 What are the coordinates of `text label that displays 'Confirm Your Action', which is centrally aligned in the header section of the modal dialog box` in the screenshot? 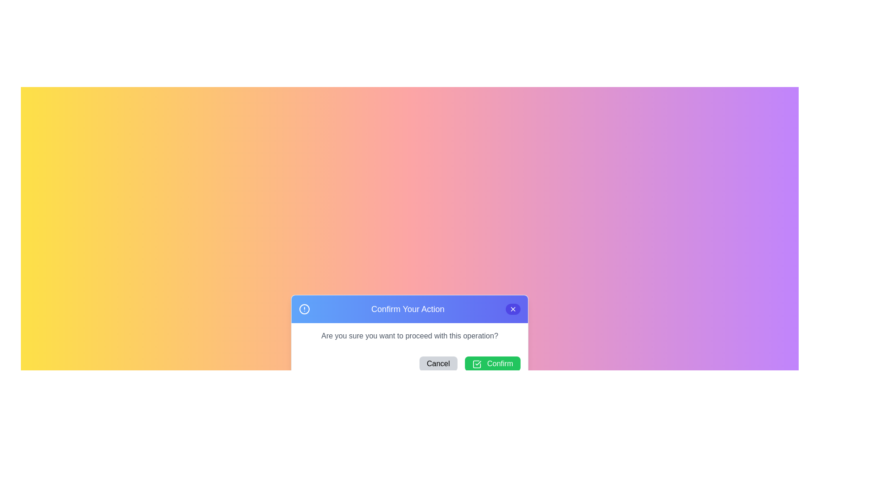 It's located at (407, 309).